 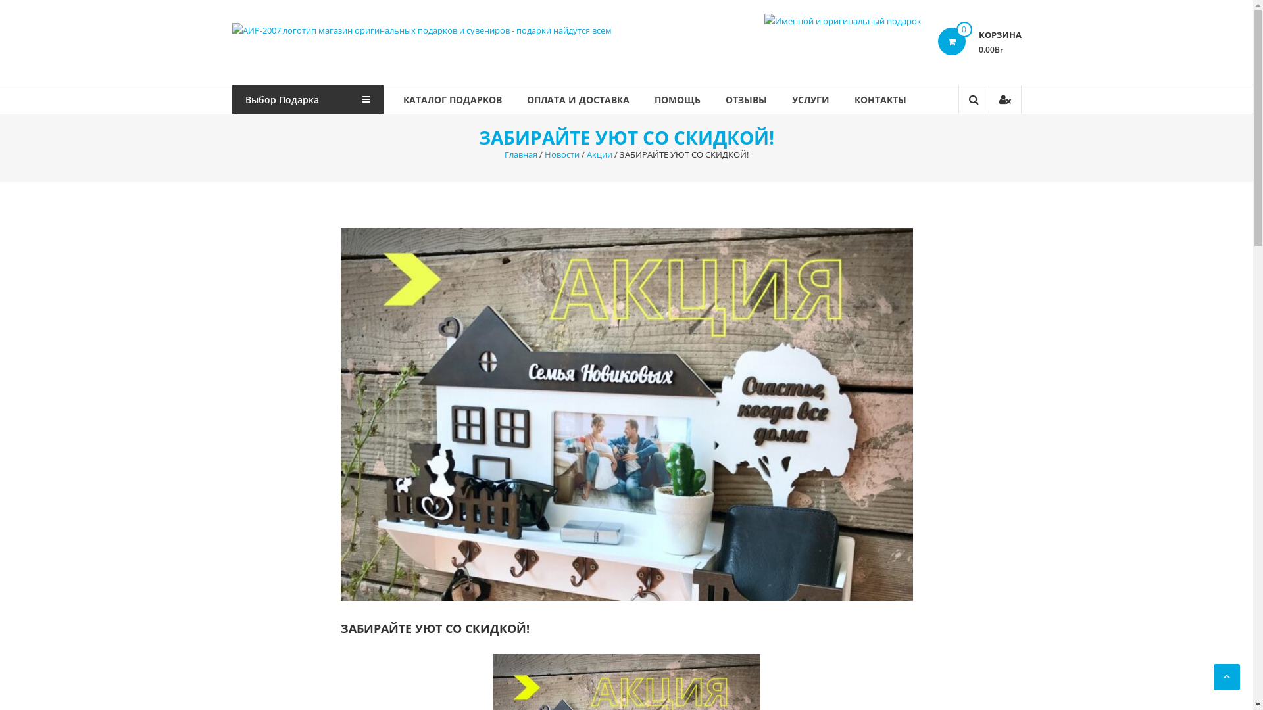 What do you see at coordinates (937, 40) in the screenshot?
I see `'0'` at bounding box center [937, 40].